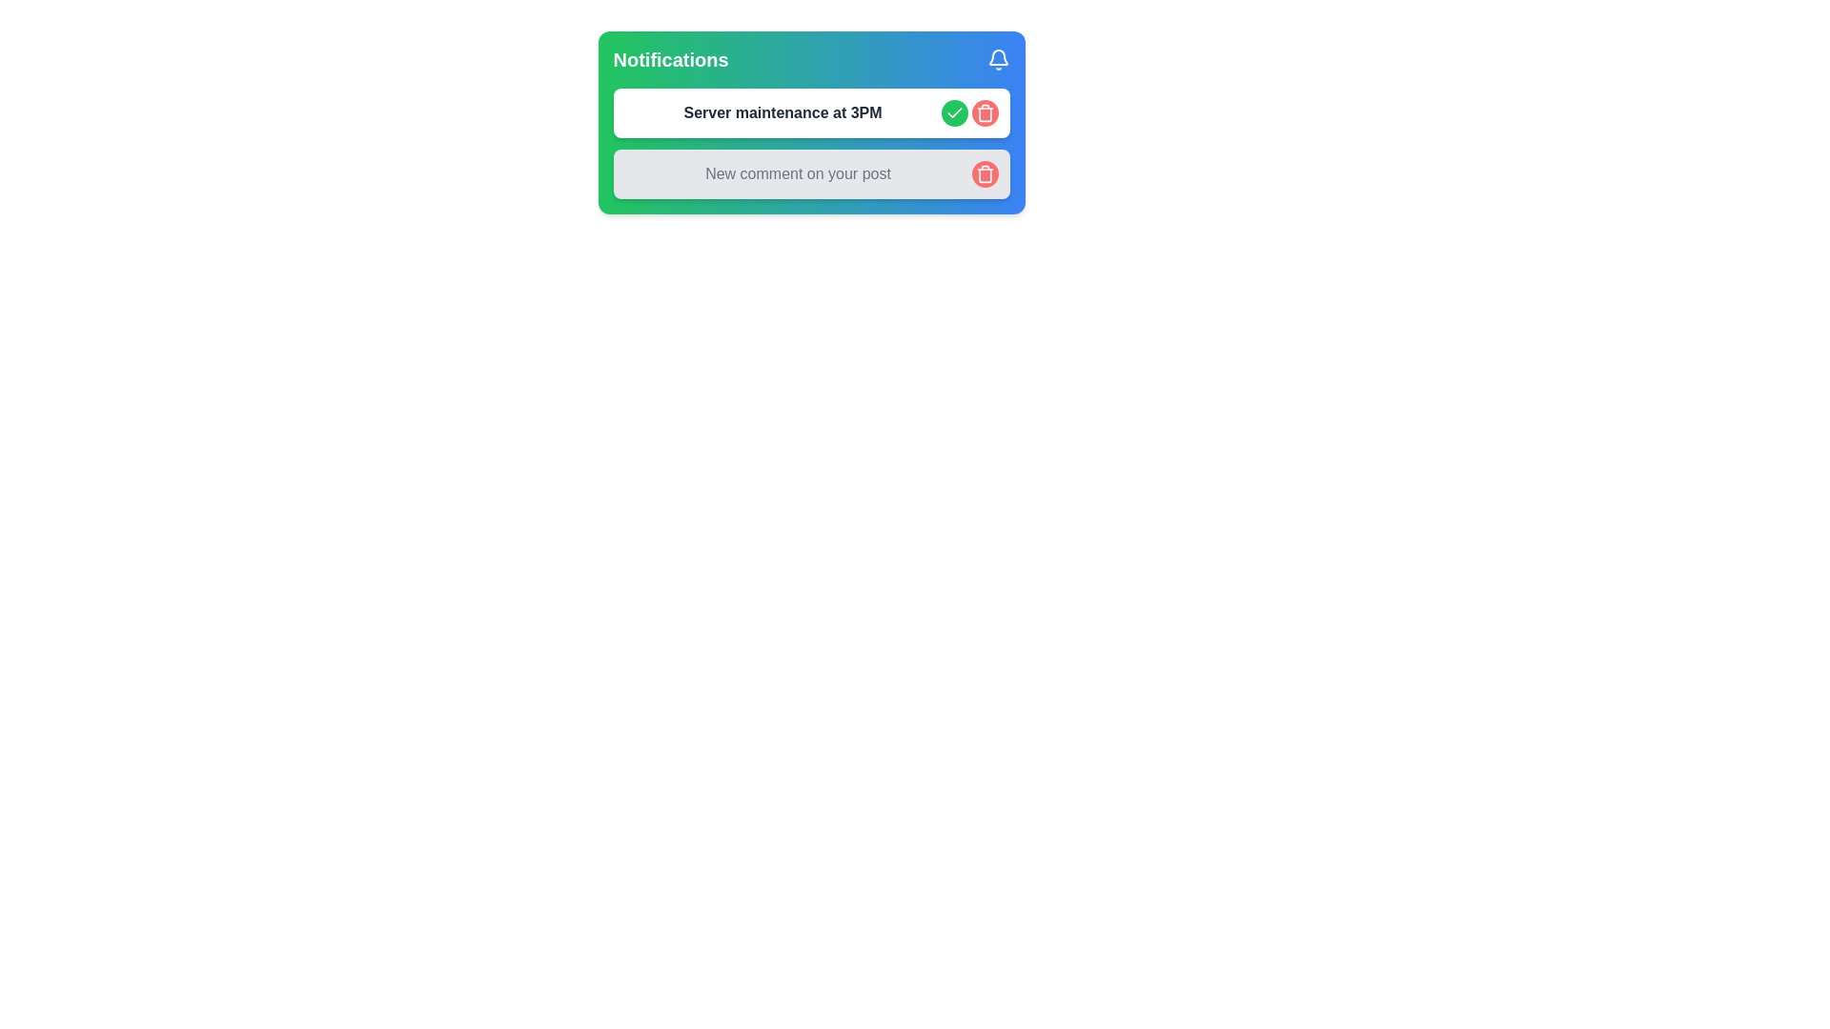 The image size is (1830, 1029). What do you see at coordinates (985, 173) in the screenshot?
I see `the red trash can icon button located in the second notification item` at bounding box center [985, 173].